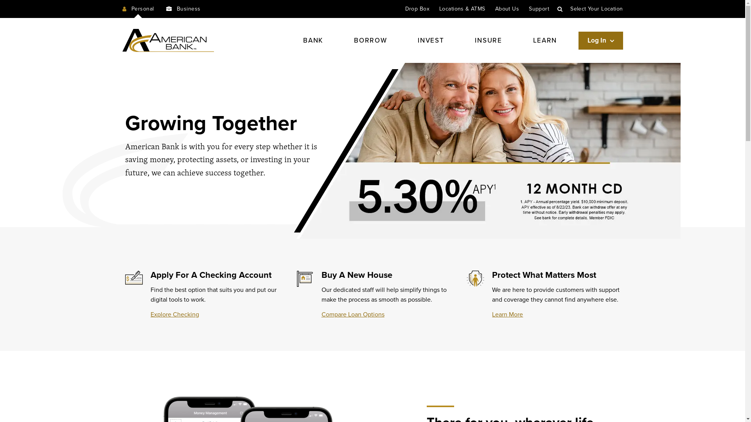 Image resolution: width=751 pixels, height=422 pixels. I want to click on 'INSURE', so click(488, 40).